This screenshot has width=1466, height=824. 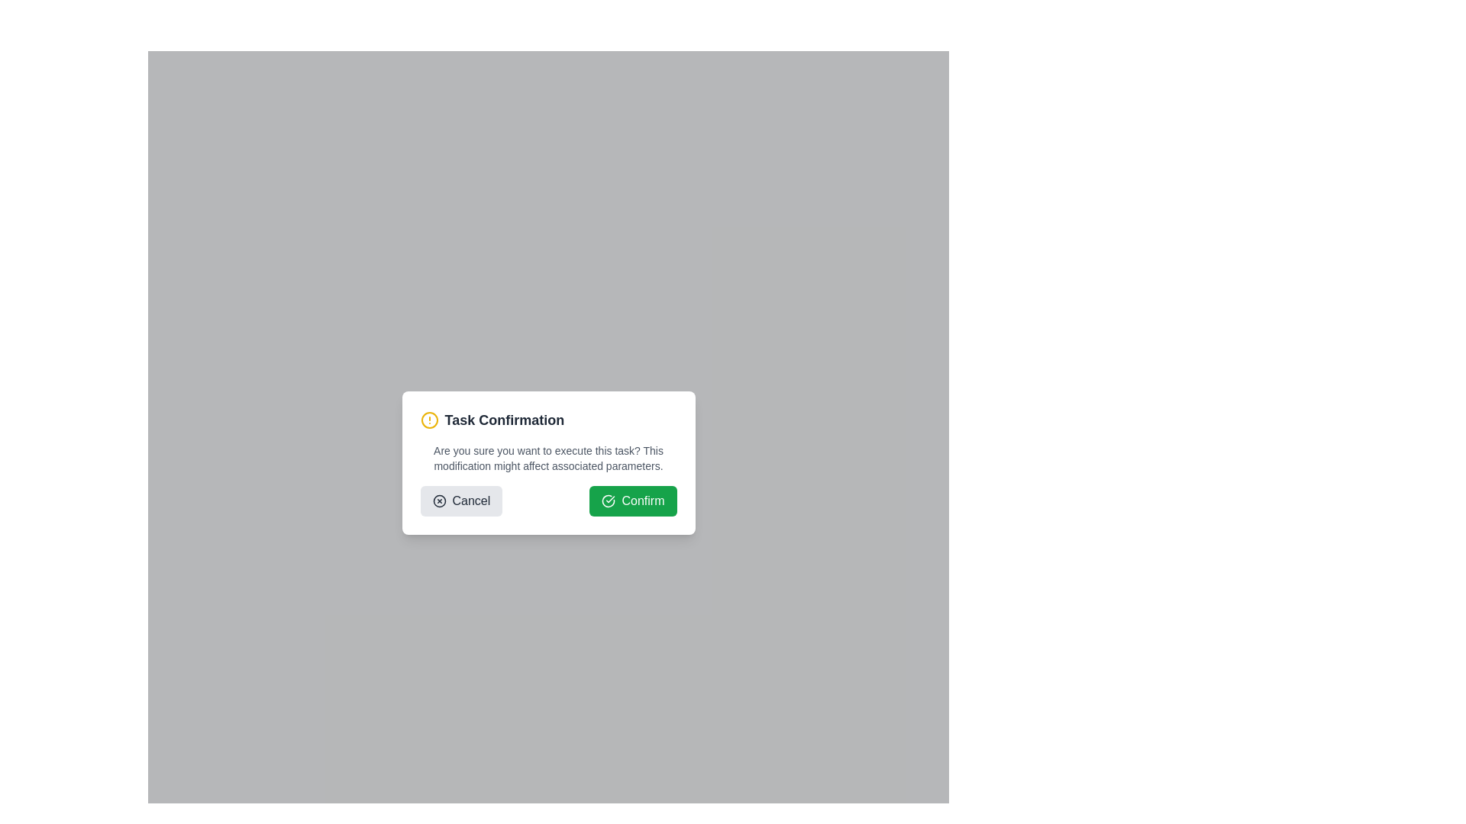 What do you see at coordinates (548, 458) in the screenshot?
I see `confirmation details from the Text label located in the dialog box that follows the title 'Task Confirmation'` at bounding box center [548, 458].